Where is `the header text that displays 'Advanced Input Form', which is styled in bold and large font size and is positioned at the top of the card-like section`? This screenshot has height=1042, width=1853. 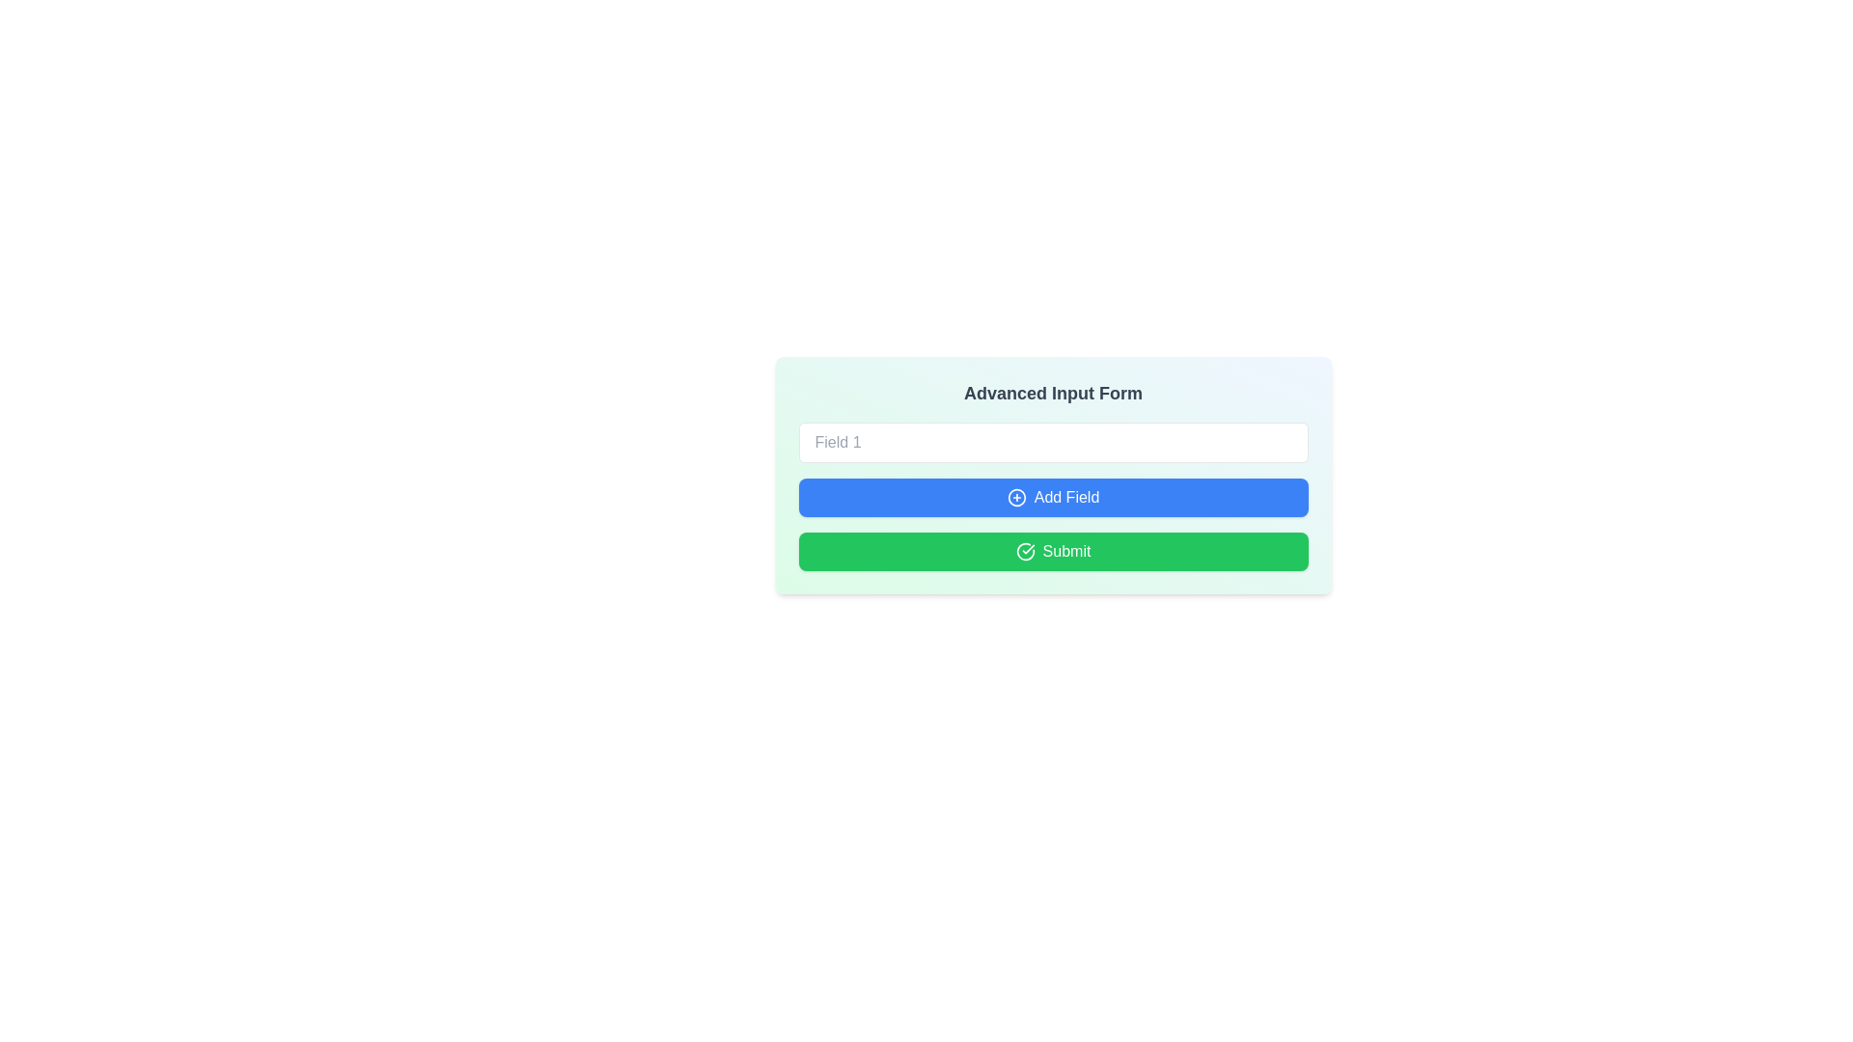 the header text that displays 'Advanced Input Form', which is styled in bold and large font size and is positioned at the top of the card-like section is located at coordinates (1052, 393).